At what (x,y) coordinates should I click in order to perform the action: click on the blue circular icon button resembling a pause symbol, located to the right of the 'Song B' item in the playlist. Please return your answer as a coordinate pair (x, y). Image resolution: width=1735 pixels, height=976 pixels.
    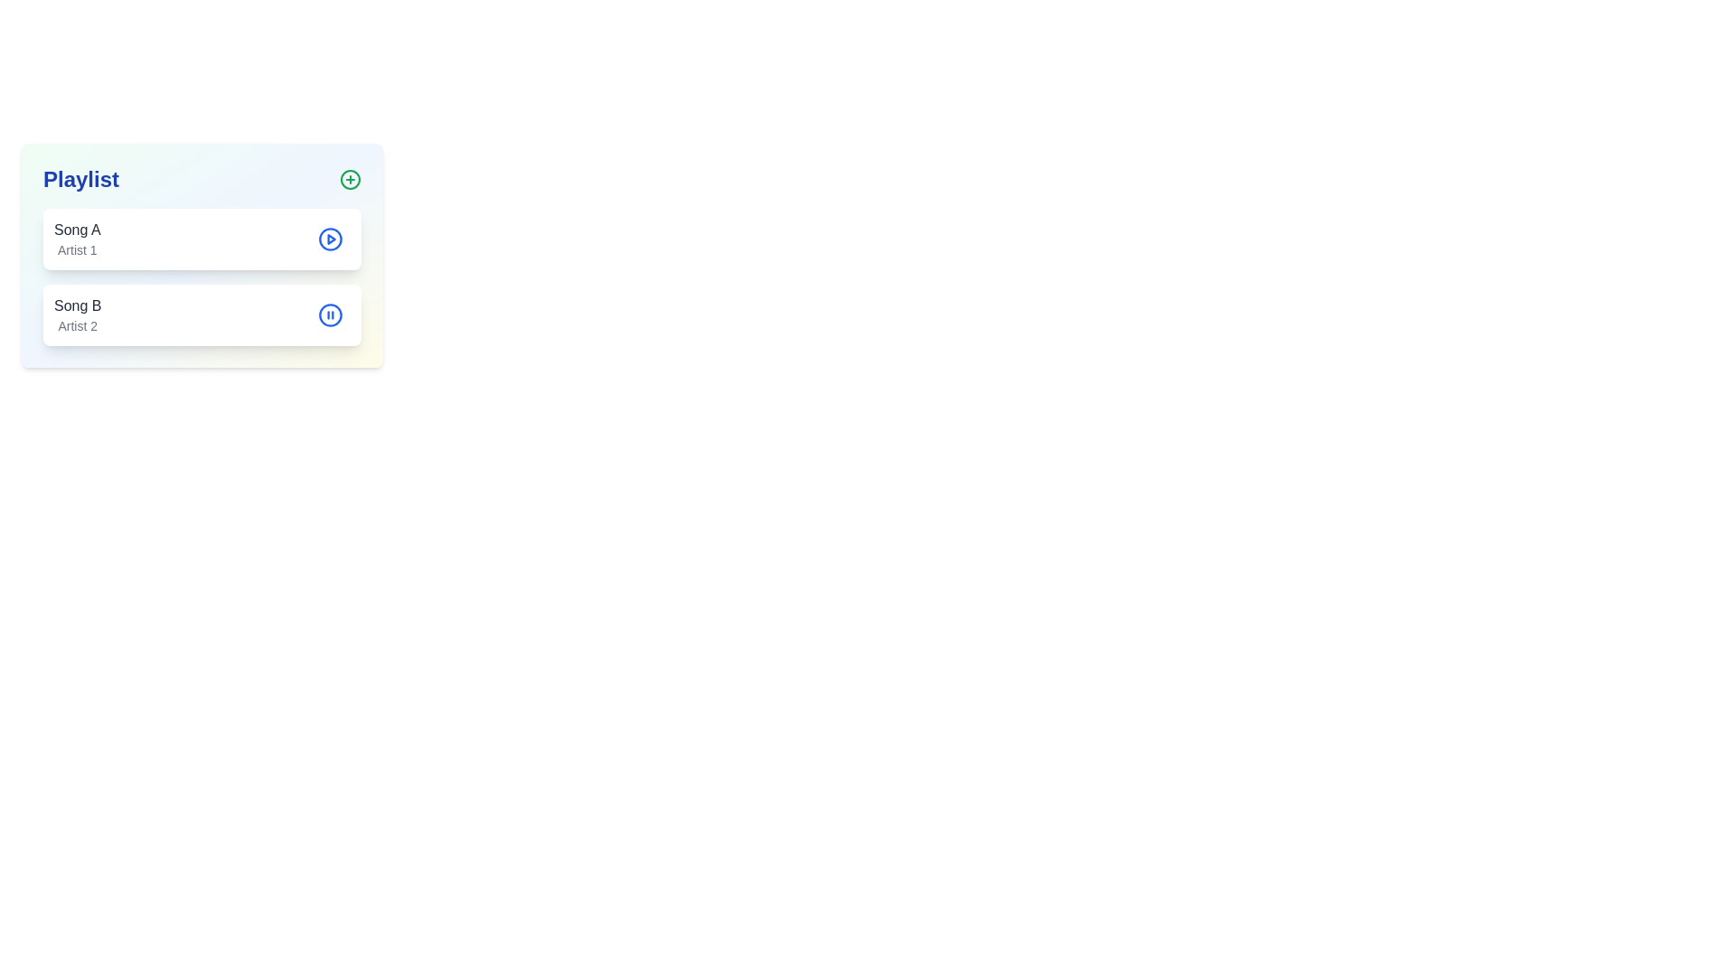
    Looking at the image, I should click on (330, 314).